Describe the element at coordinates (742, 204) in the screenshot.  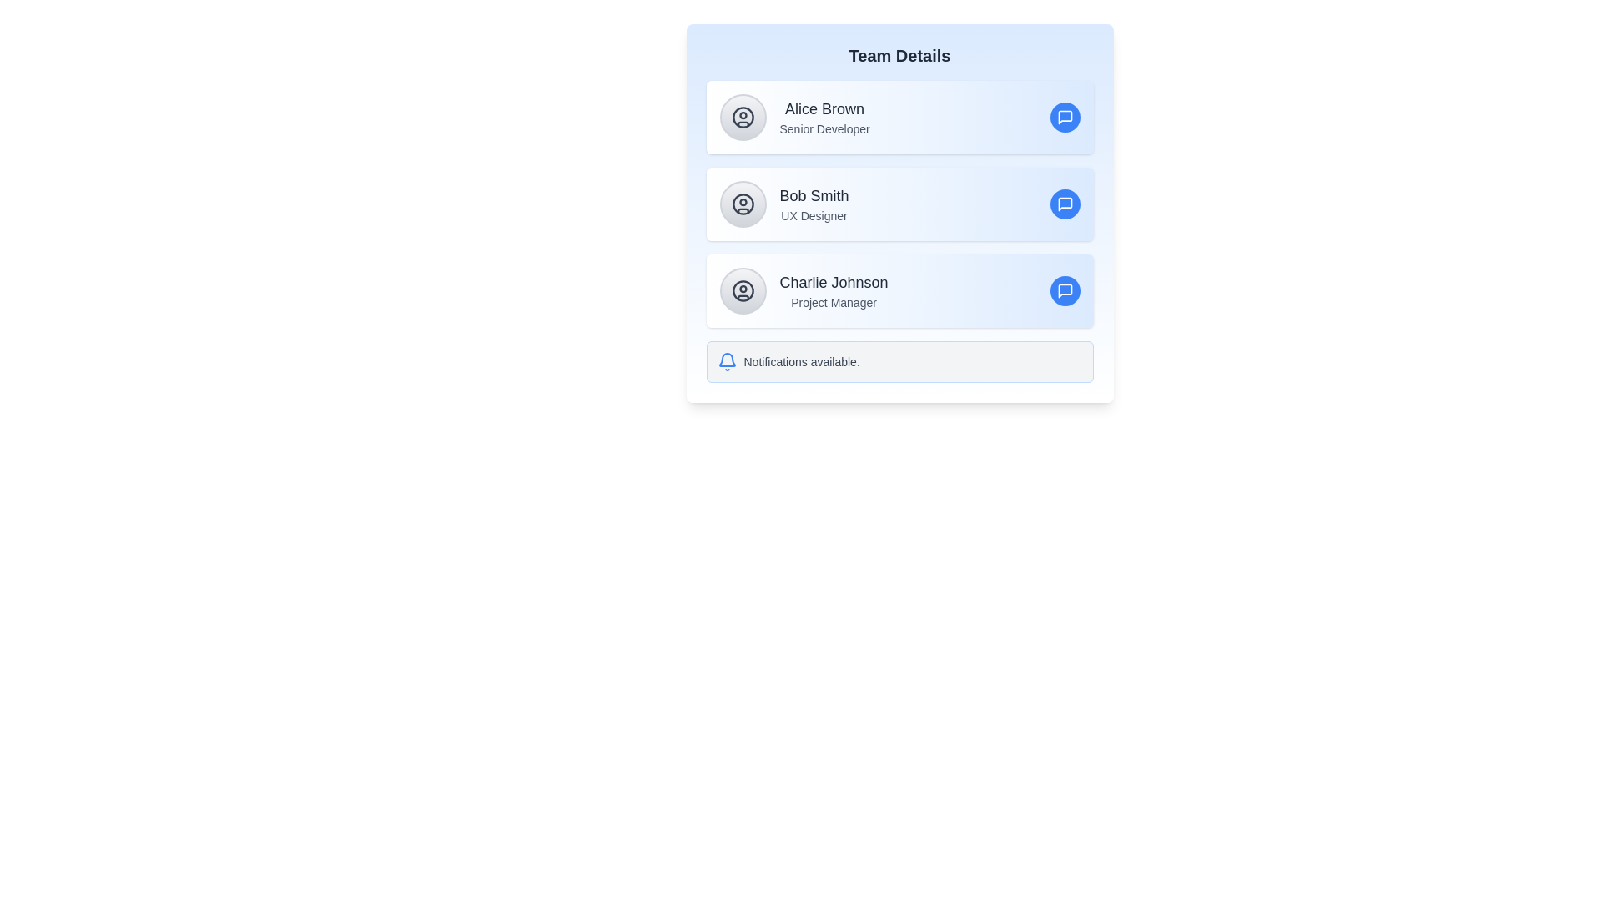
I see `the circular profile icon with a gray gradient background and a dark gray user profile outline, located to the left of the 'Bob Smith UX Designer' section` at that location.